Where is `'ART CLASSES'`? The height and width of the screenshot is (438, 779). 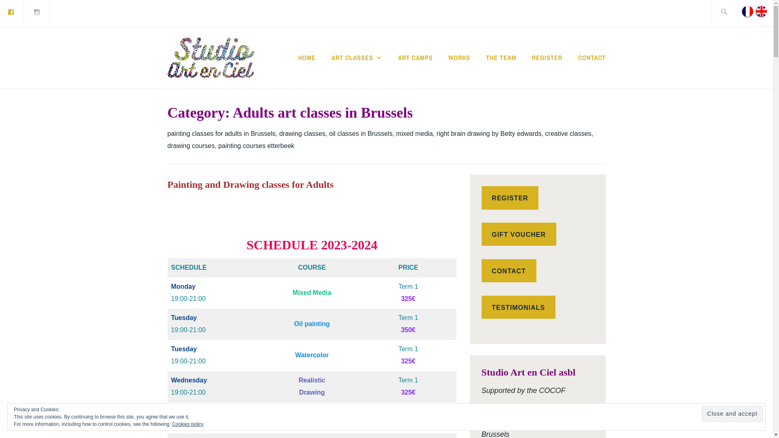 'ART CLASSES' is located at coordinates (357, 57).